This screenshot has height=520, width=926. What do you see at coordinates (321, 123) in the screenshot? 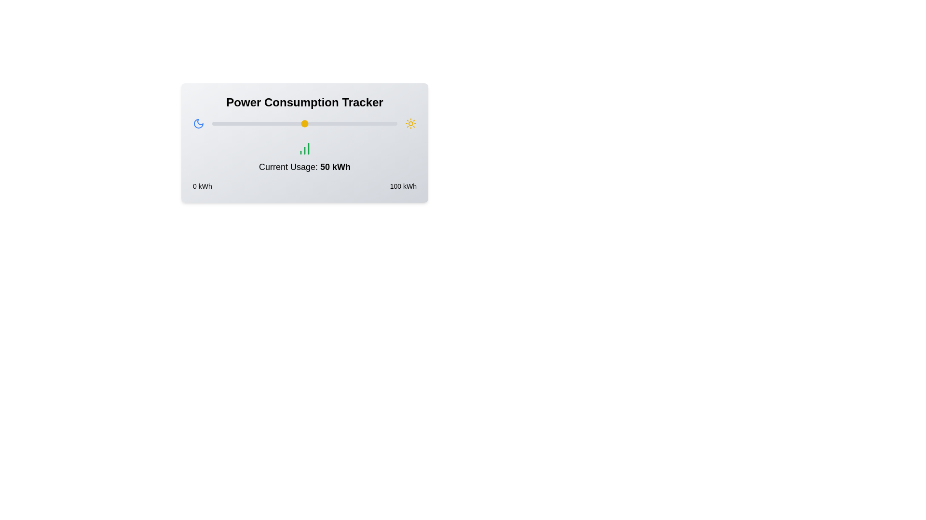
I see `the slider to set the power usage to 59 kWh` at bounding box center [321, 123].